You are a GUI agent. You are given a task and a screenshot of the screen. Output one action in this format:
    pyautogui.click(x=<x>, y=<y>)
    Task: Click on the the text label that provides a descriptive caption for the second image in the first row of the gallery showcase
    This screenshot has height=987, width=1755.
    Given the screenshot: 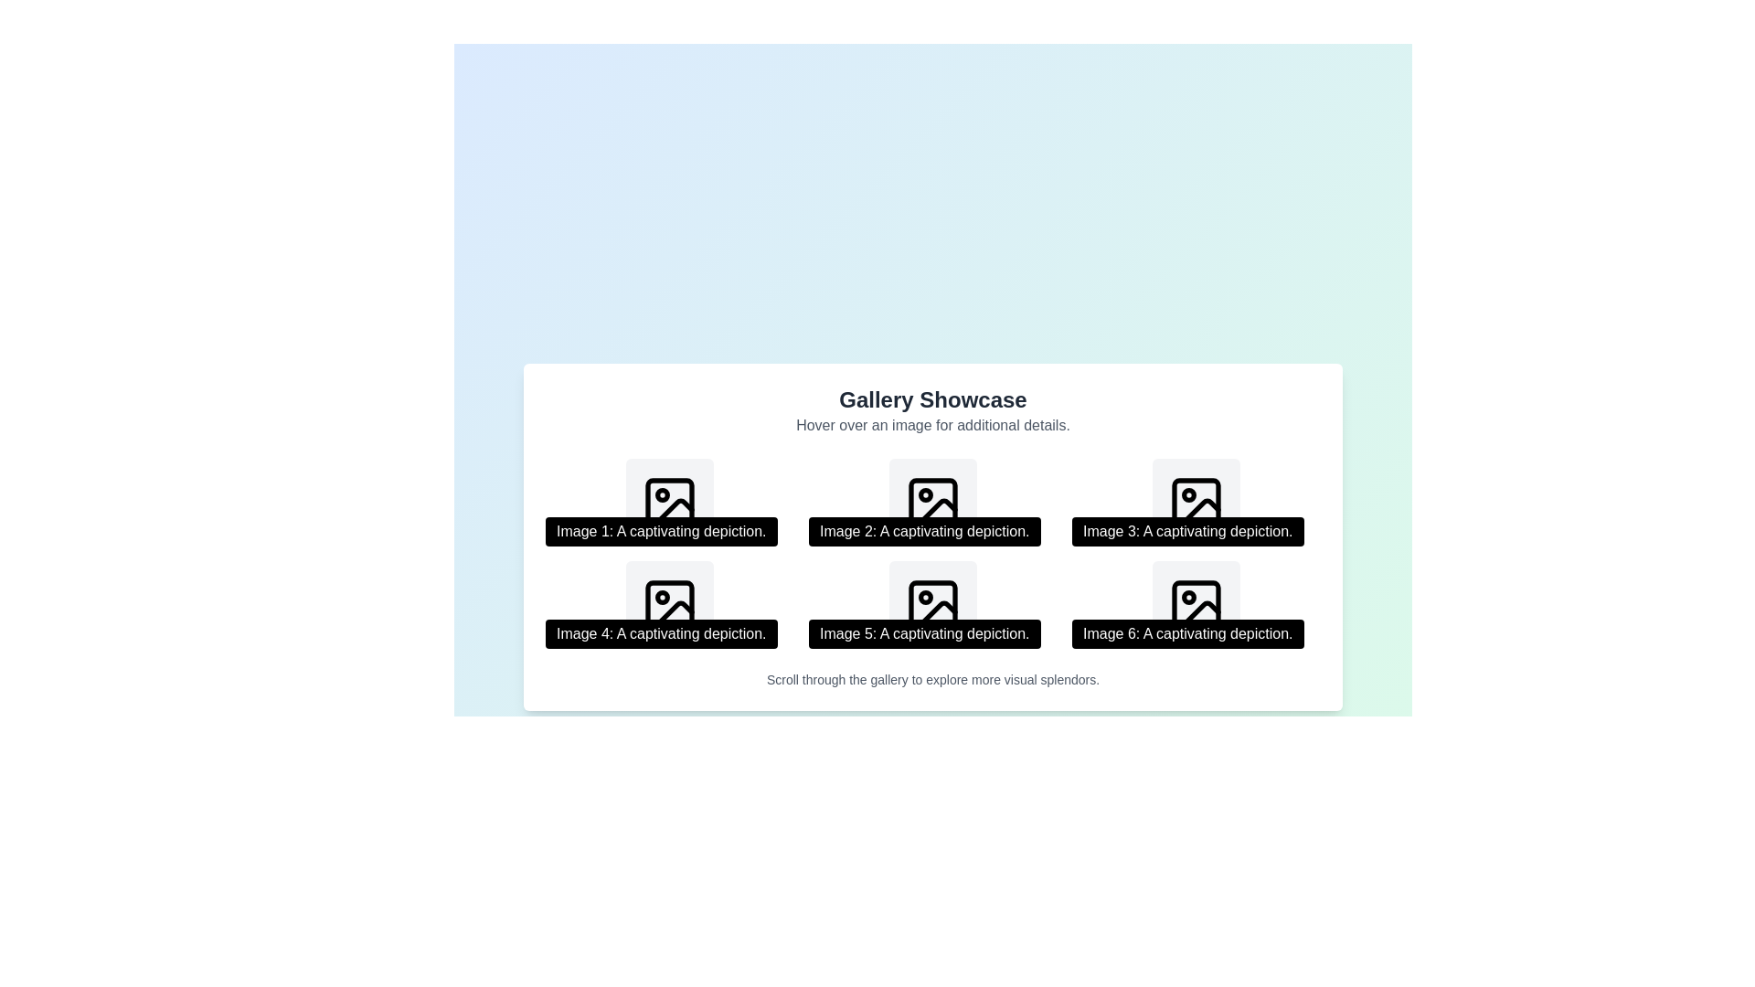 What is the action you would take?
    pyautogui.click(x=924, y=532)
    